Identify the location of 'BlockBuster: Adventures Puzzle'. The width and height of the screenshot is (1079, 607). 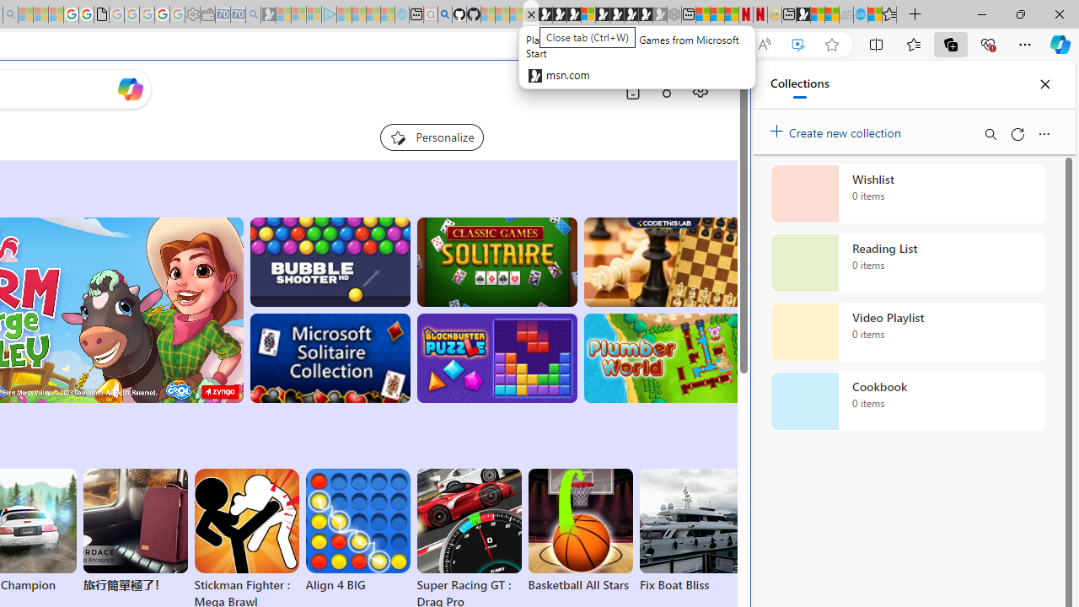
(496, 357).